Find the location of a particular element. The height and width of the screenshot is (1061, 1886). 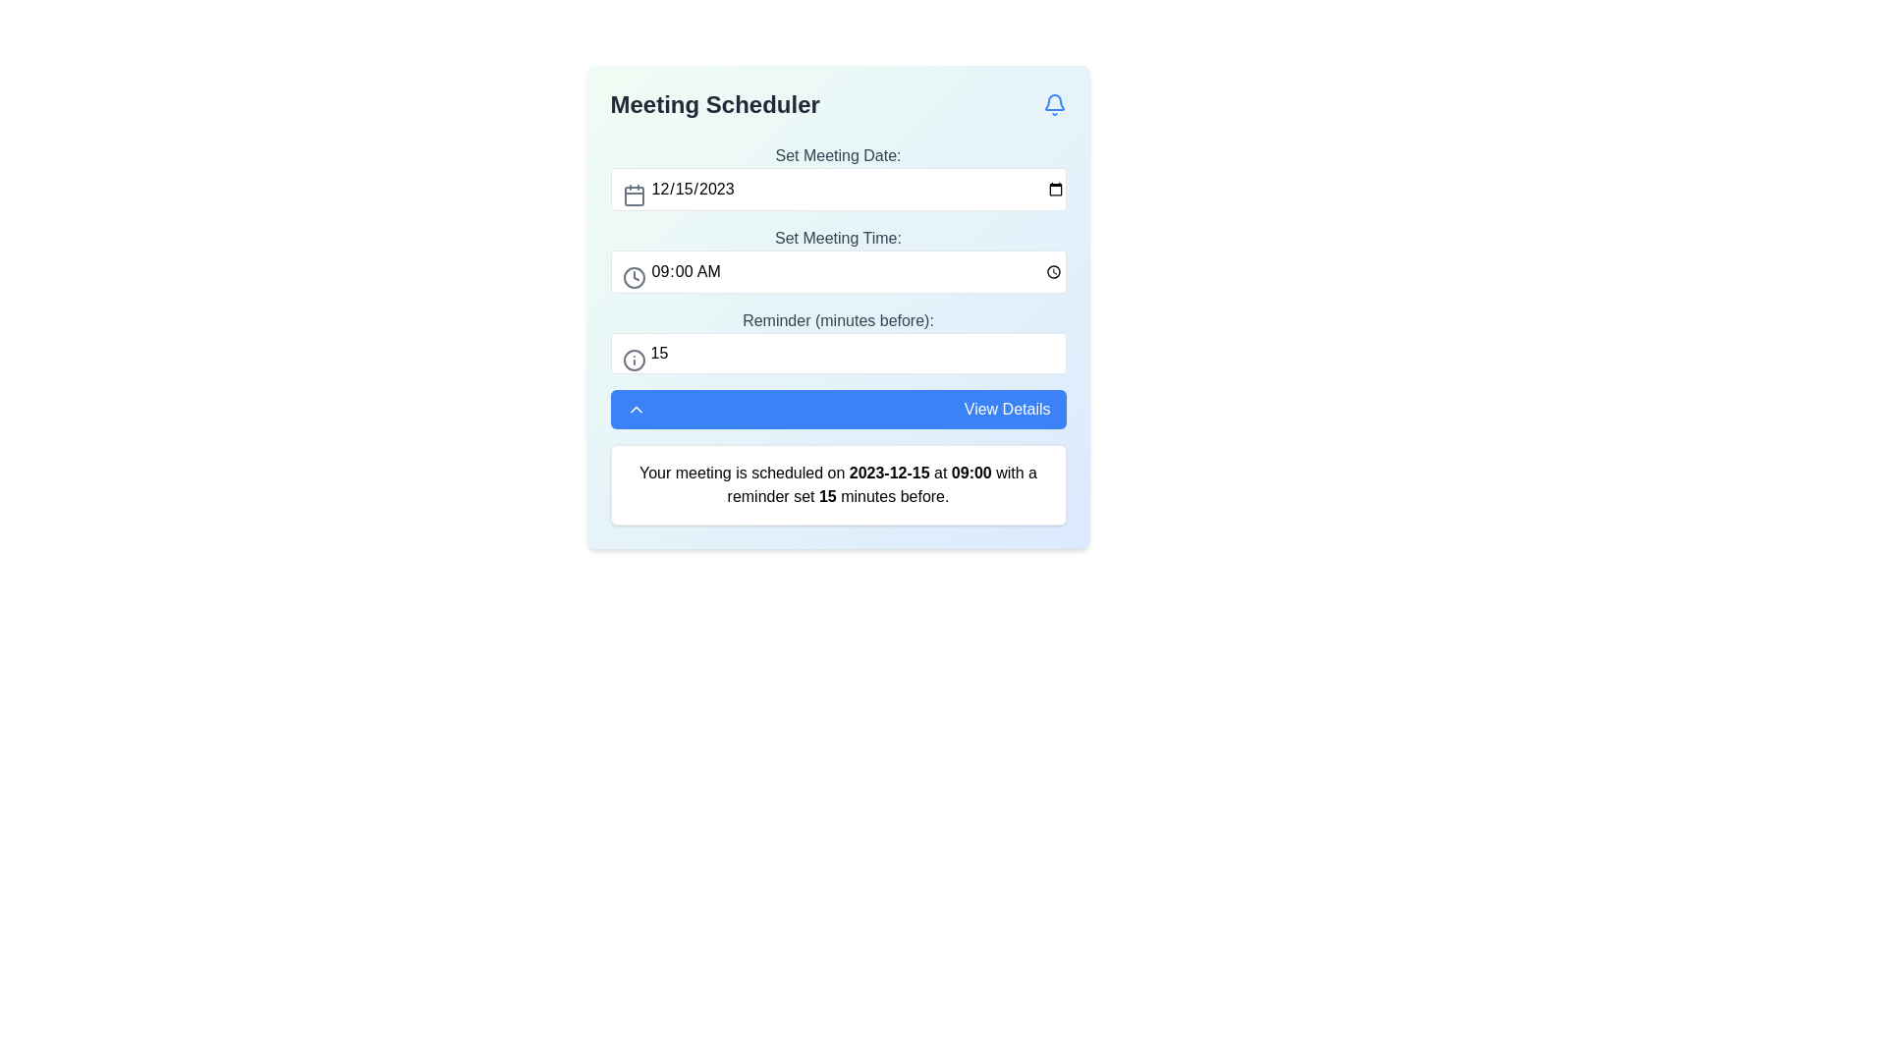

the inner rounded section of the calendar icon, which is part of the meeting scheduler interface, located to the left of the 'Set Meeting Date:' text field is located at coordinates (634, 196).